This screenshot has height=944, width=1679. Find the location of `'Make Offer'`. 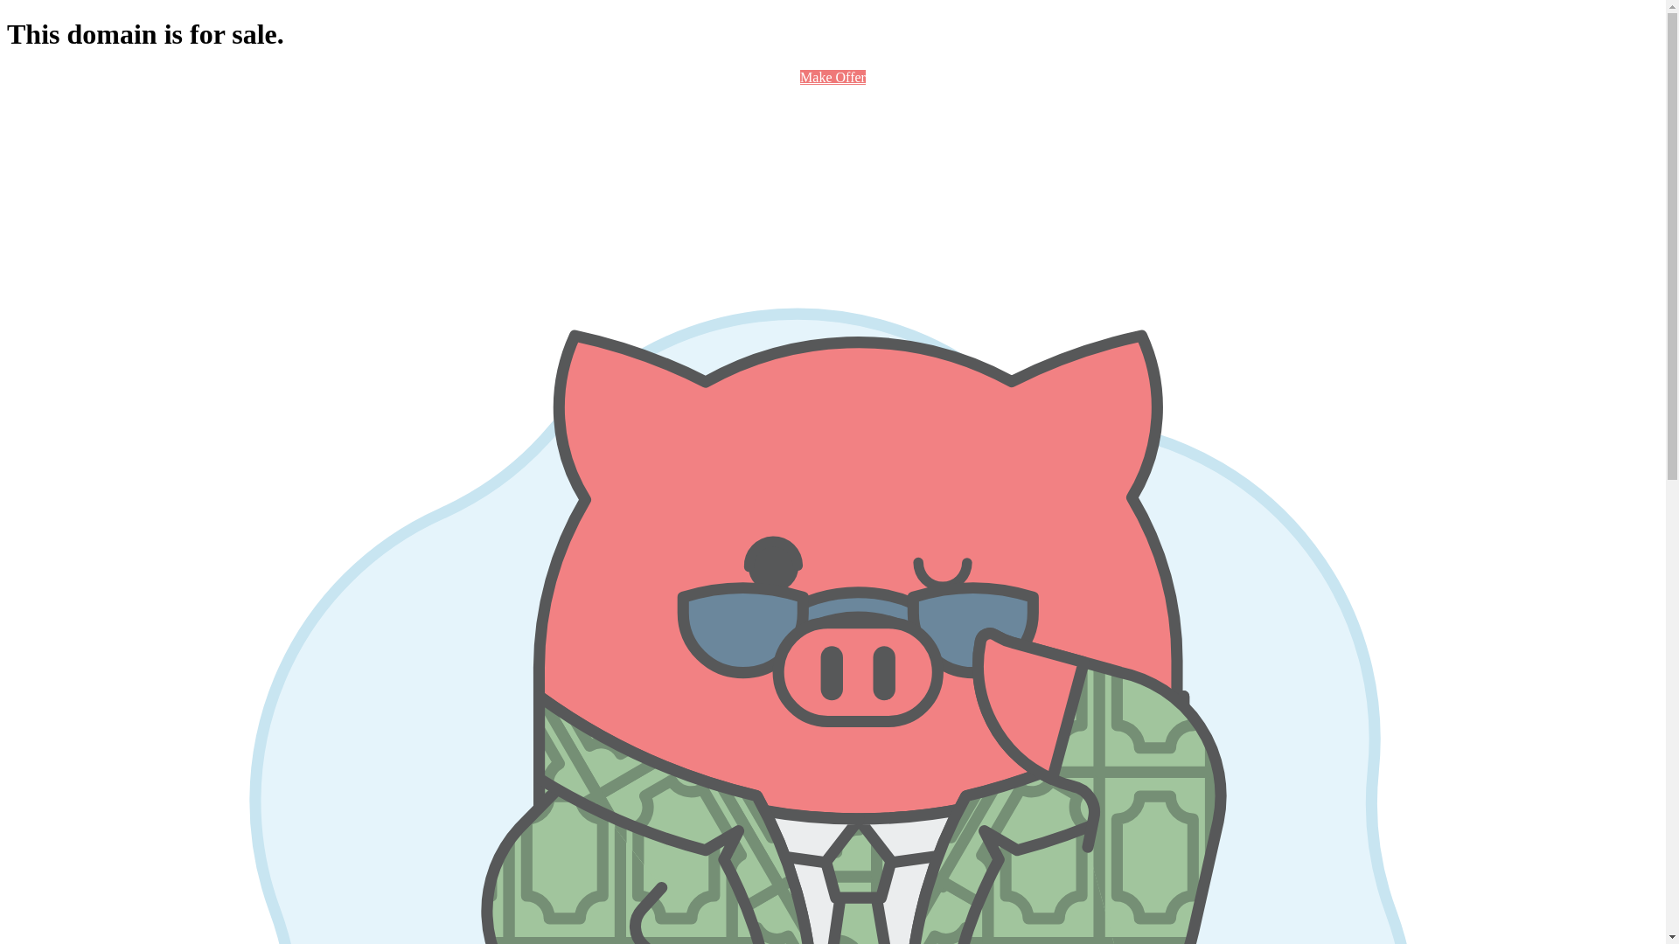

'Make Offer' is located at coordinates (799, 76).